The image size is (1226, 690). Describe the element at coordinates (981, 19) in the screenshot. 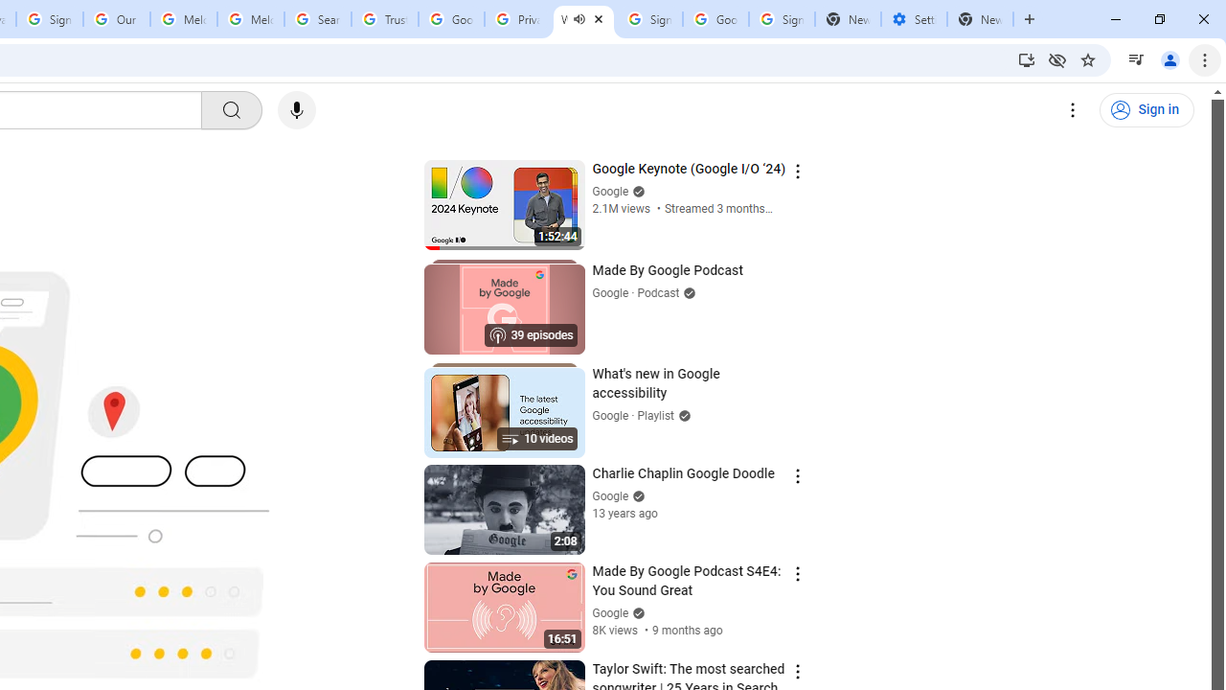

I see `'New Tab'` at that location.